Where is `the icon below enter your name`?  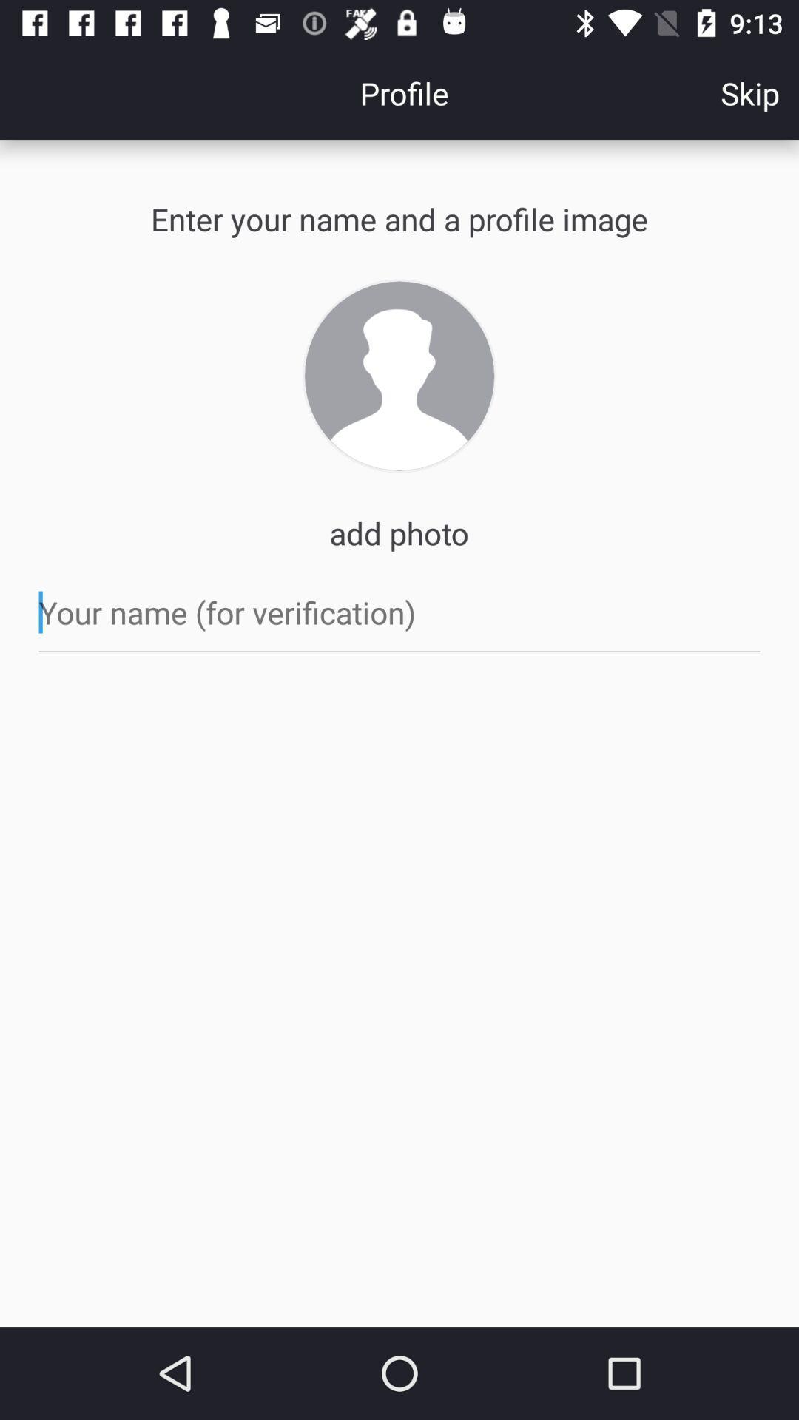
the icon below enter your name is located at coordinates (399, 376).